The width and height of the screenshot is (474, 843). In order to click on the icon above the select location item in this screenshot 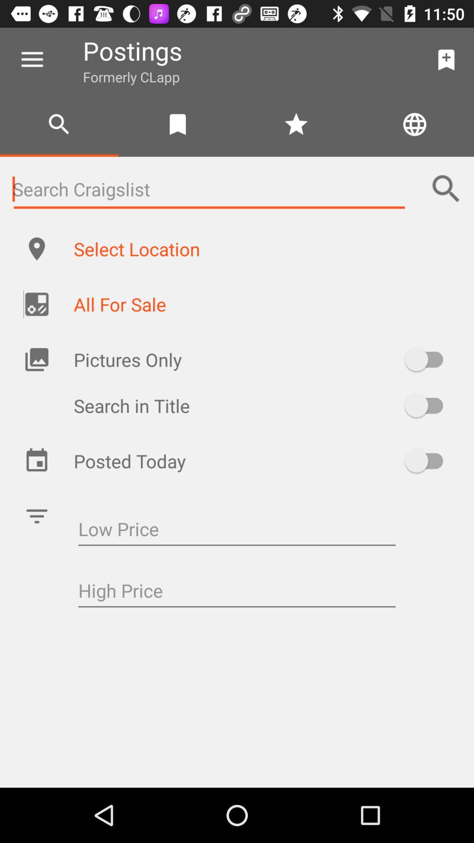, I will do `click(446, 188)`.